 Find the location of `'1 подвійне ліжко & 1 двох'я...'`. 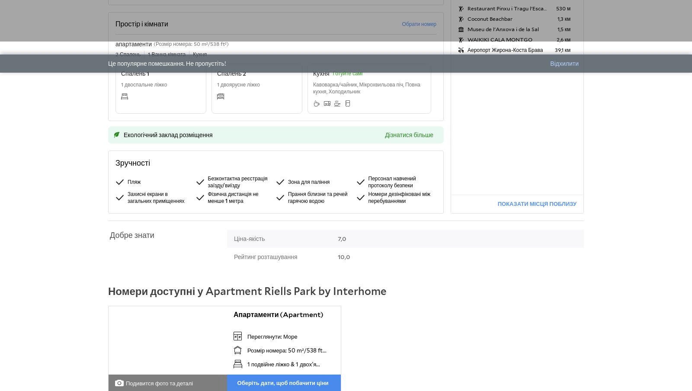

'1 подвійне ліжко & 1 двох'я...' is located at coordinates (284, 364).